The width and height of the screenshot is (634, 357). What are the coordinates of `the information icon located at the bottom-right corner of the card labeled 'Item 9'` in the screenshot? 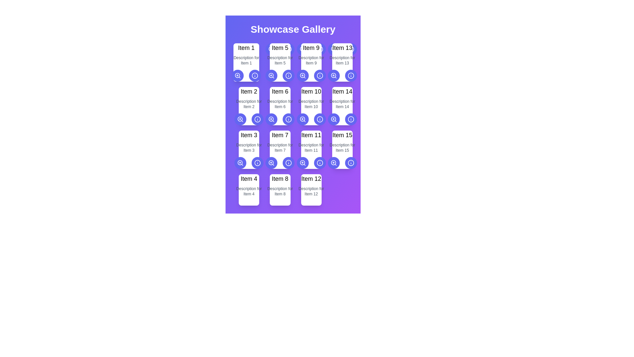 It's located at (320, 49).